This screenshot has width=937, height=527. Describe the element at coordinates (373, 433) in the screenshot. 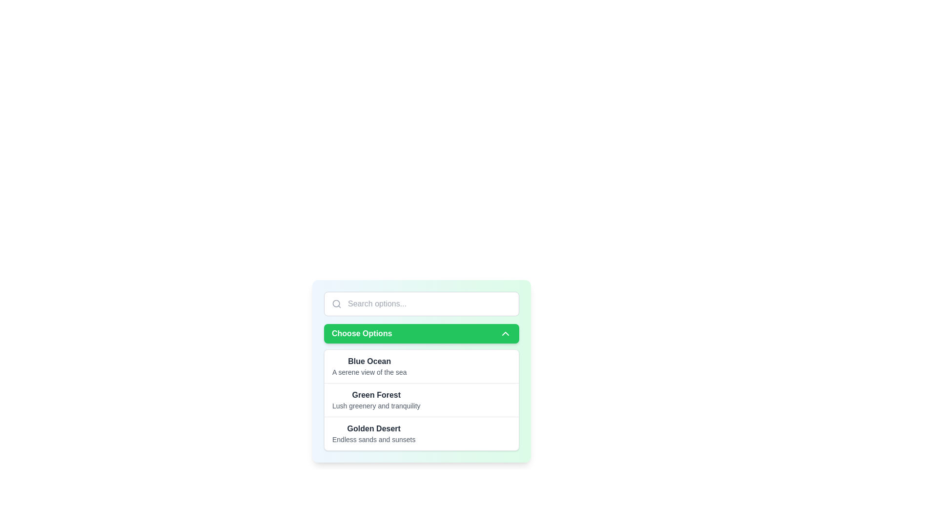

I see `the List Item Textual Display showing 'Golden Desert' and 'Endless sands and sunsets', which is the third item in the dropdown menu` at that location.